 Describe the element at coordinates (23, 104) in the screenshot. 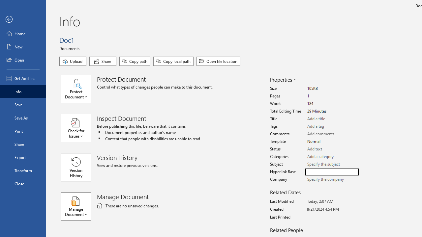

I see `'Save'` at that location.